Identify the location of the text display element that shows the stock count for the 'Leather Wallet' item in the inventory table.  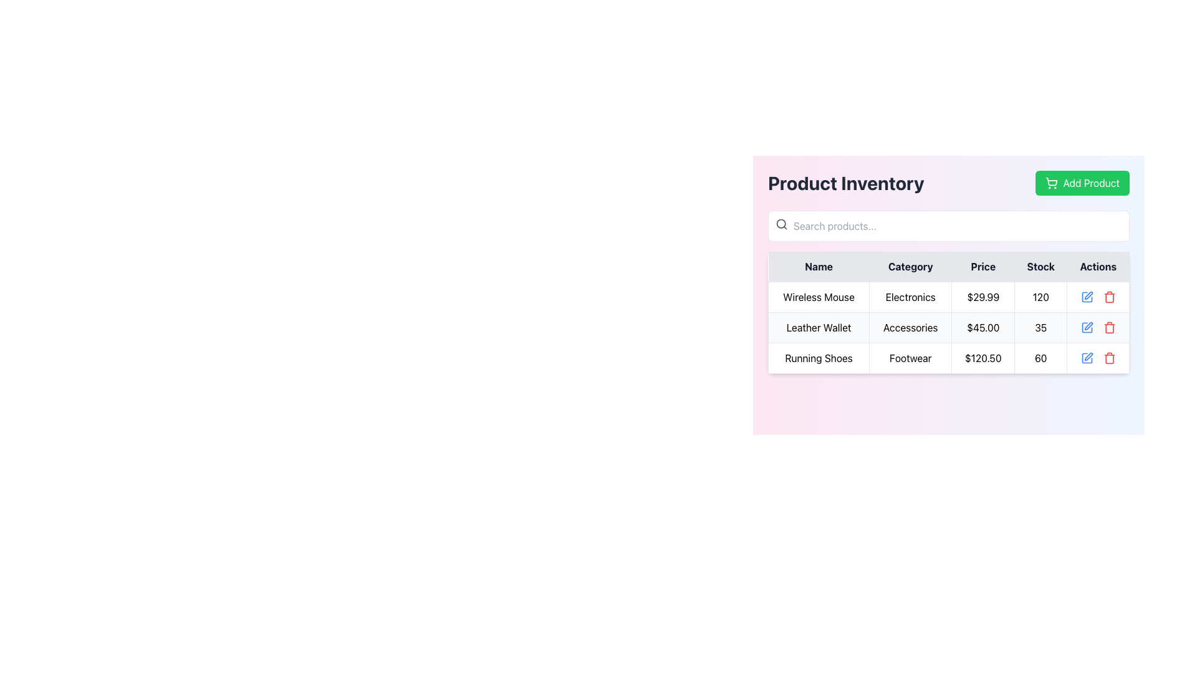
(1041, 327).